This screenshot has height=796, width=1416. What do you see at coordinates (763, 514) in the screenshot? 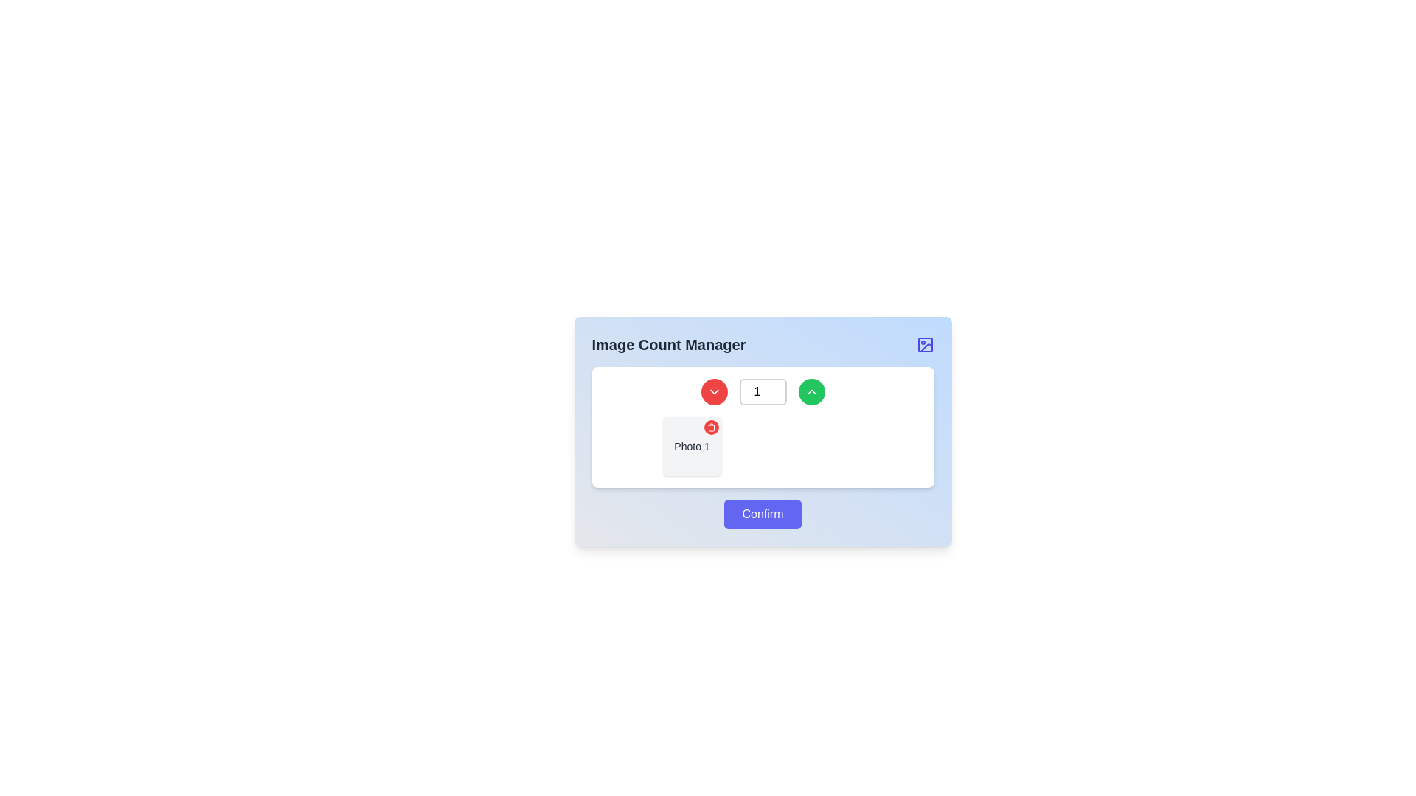
I see `the confirm button in the 'Image Count Manager' modal to confirm actions or choices` at bounding box center [763, 514].